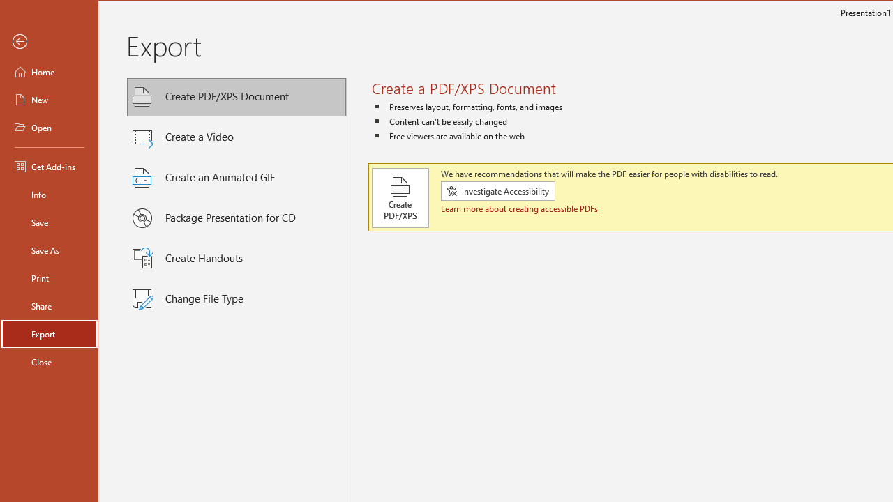  What do you see at coordinates (50, 166) in the screenshot?
I see `'Get Add-ins'` at bounding box center [50, 166].